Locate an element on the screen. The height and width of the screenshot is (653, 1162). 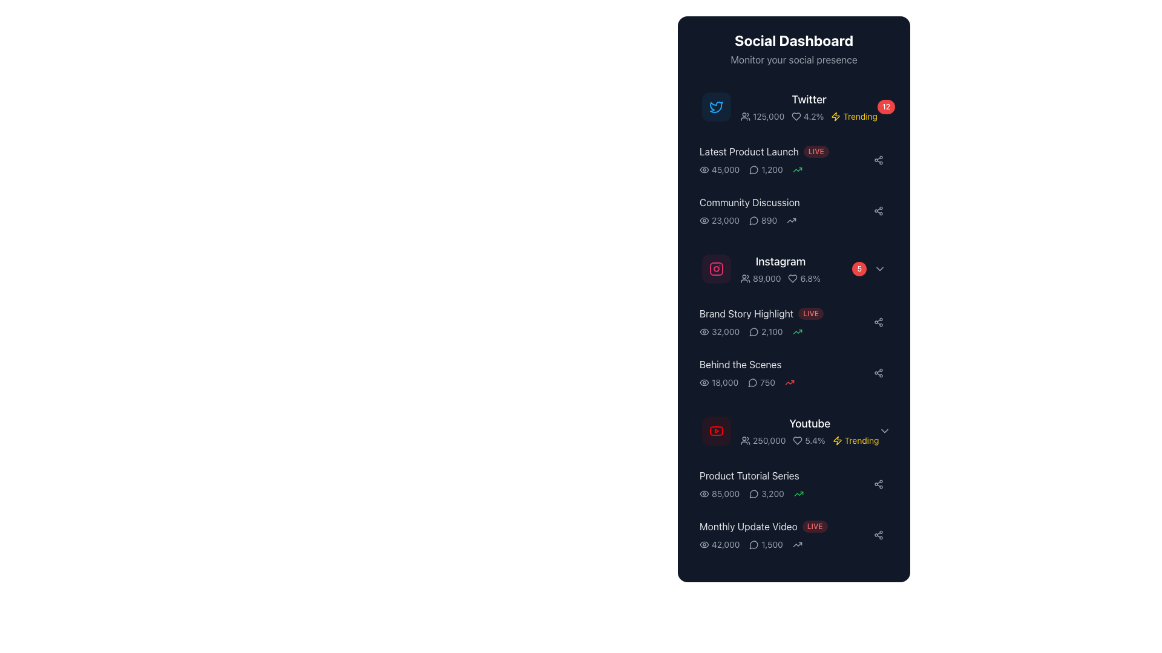
the 'Community Discussion' information row to analyze the trending information represented by the numerical metrics and icons is located at coordinates (793, 210).